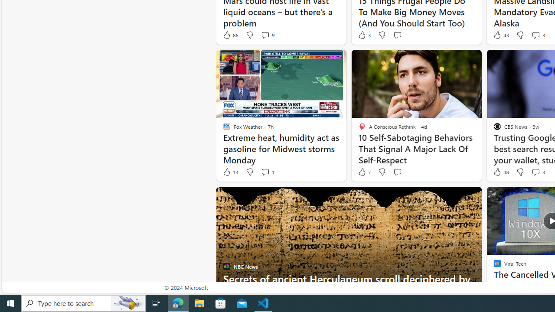  Describe the element at coordinates (264, 35) in the screenshot. I see `'View comments 9 Comment'` at that location.